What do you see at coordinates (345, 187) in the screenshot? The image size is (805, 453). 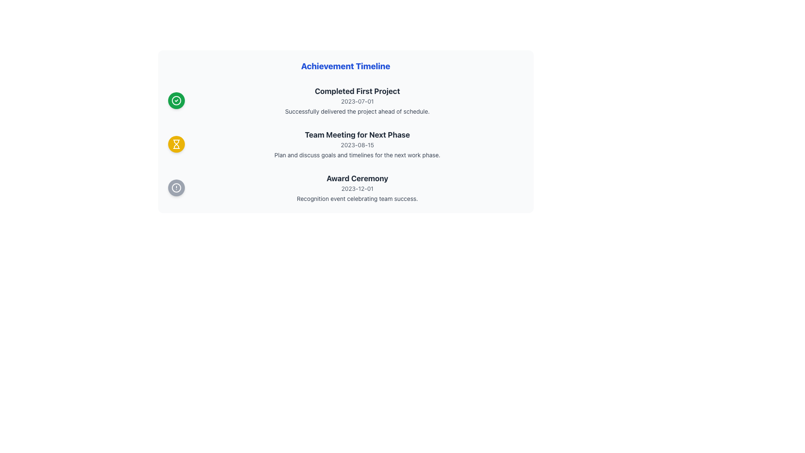 I see `information displayed in the 'Award Ceremony' Event Entry Block, which is the last entry under the 'Achievement Timeline' header` at bounding box center [345, 187].